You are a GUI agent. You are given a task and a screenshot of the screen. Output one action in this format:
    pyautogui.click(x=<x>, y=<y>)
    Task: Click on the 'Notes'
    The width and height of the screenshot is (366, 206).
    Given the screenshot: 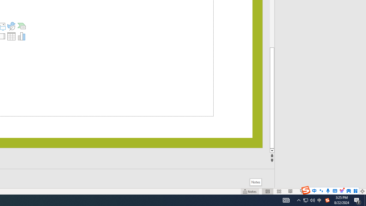 What is the action you would take?
    pyautogui.click(x=255, y=182)
    